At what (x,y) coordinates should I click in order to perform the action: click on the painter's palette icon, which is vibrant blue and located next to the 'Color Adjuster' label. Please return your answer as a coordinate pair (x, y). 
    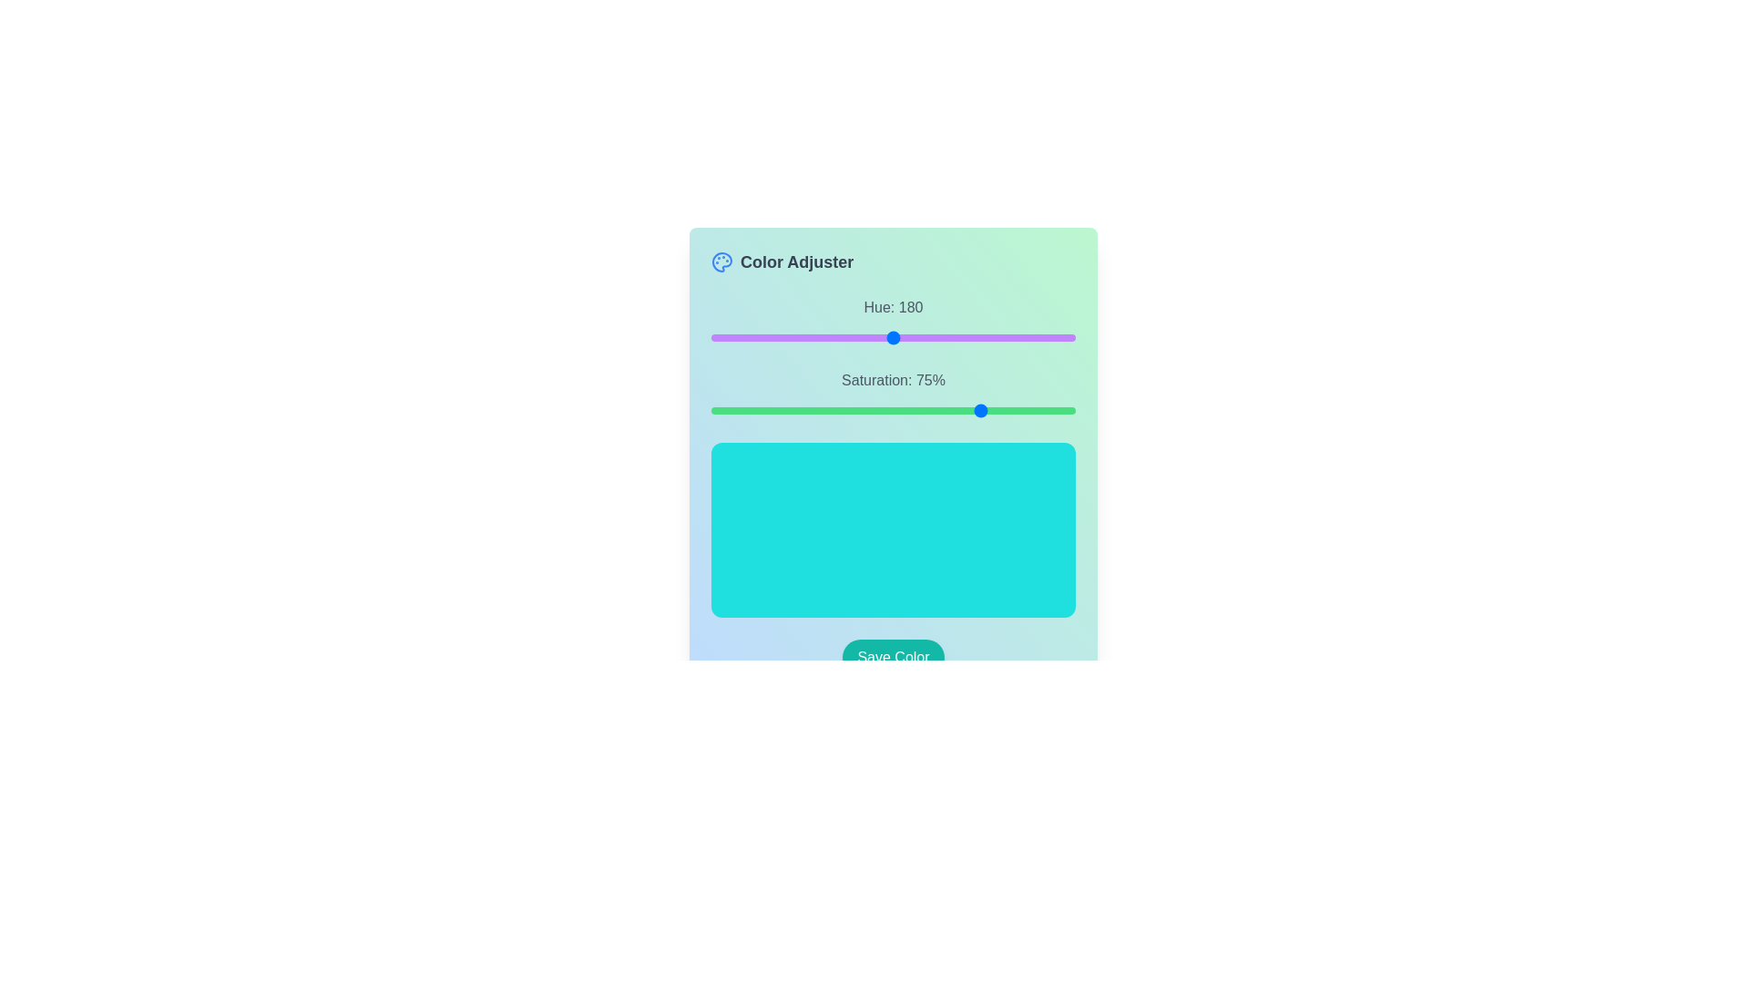
    Looking at the image, I should click on (721, 262).